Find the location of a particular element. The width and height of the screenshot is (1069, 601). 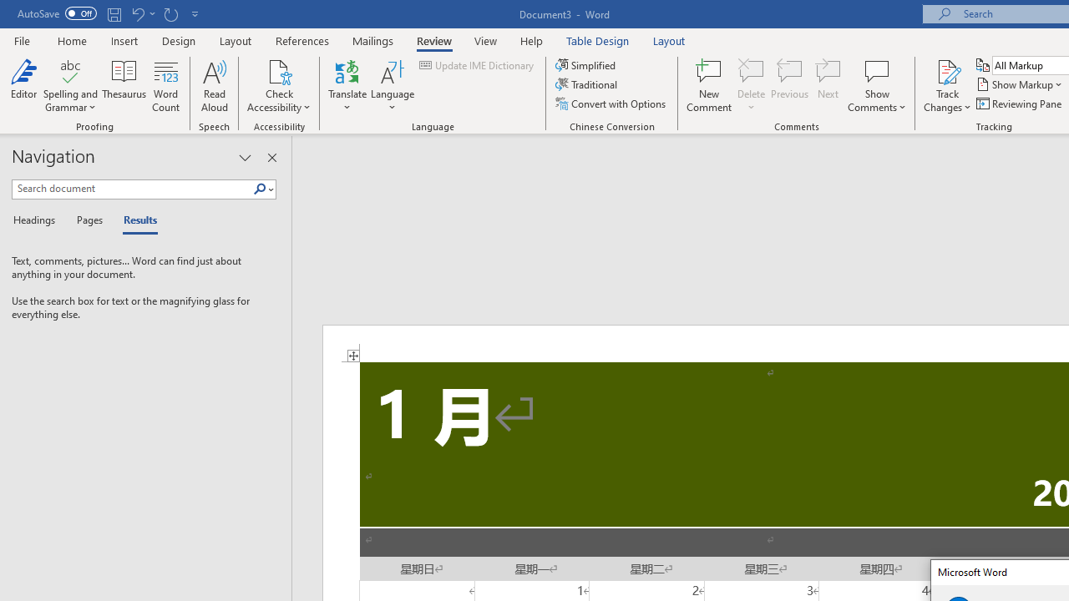

'Check Accessibility' is located at coordinates (279, 86).